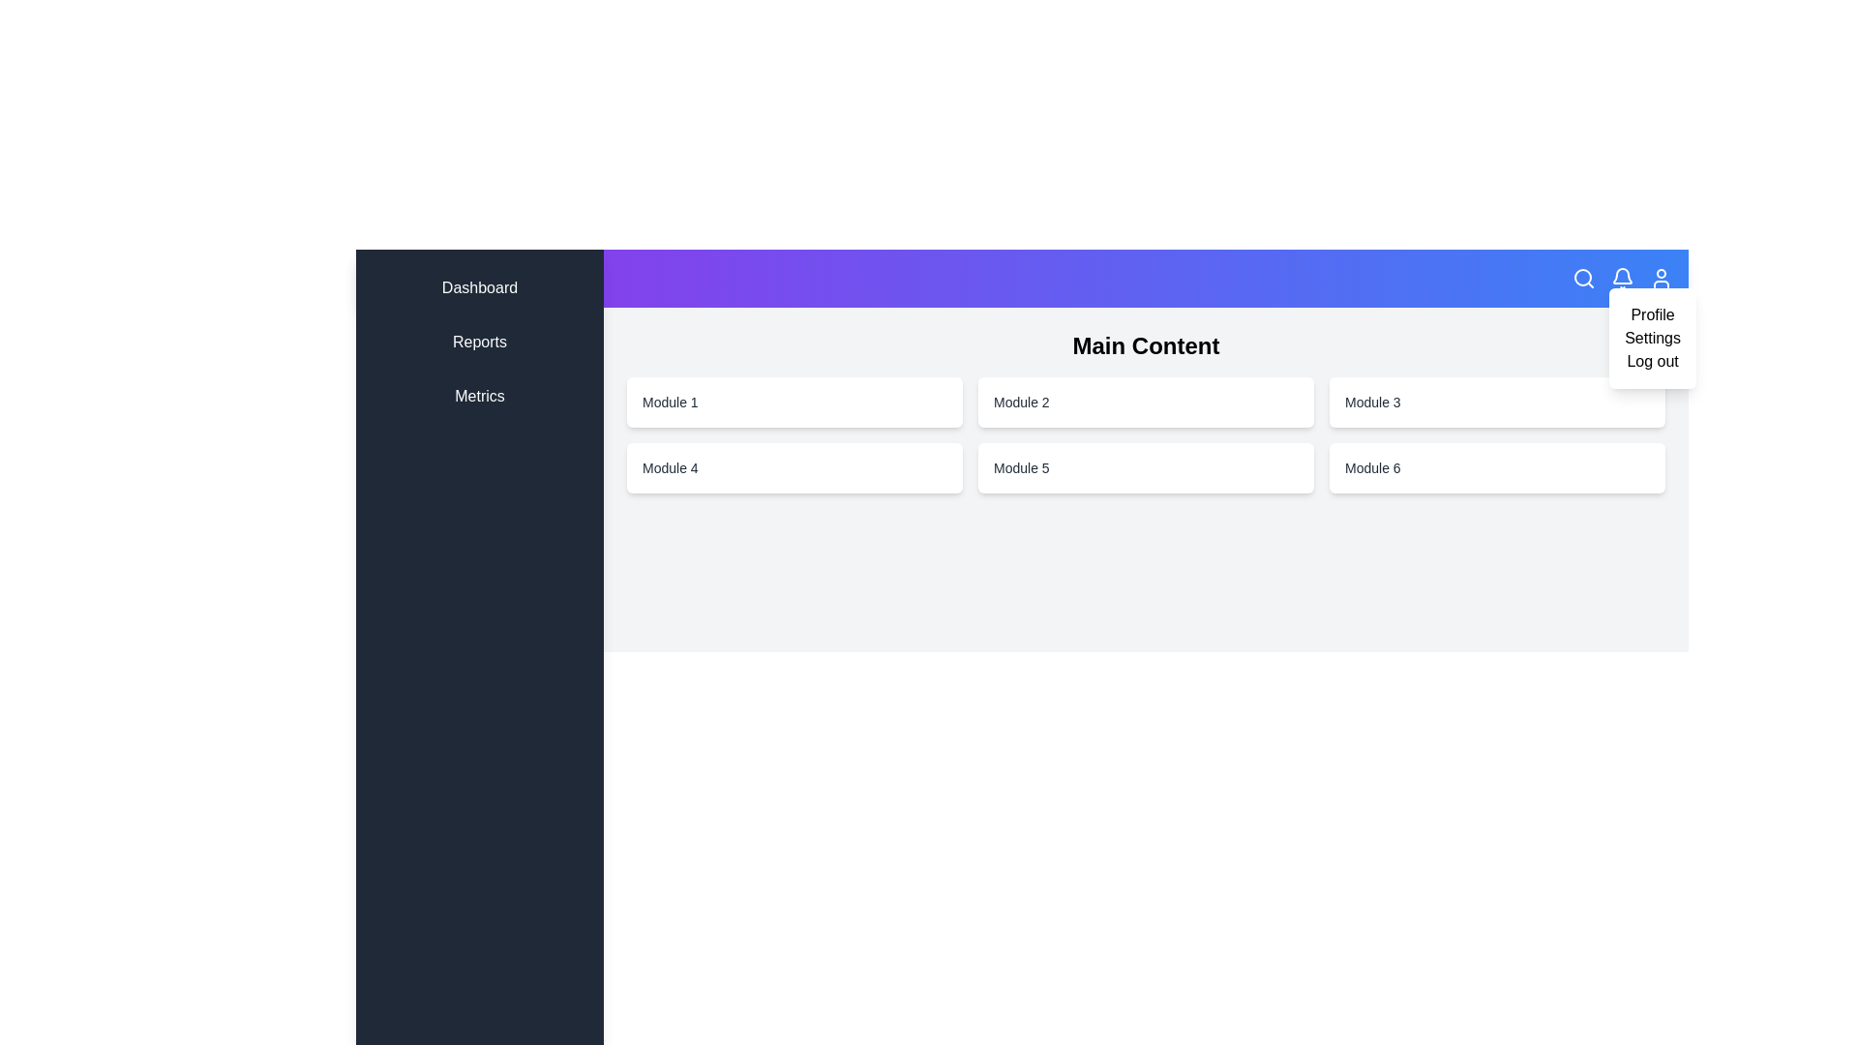  I want to click on the 'Module 5' informational card, which is a rectangular card with a white background and slightly rounded corners, located in the lower row of a two-row grid layout, so click(1146, 467).